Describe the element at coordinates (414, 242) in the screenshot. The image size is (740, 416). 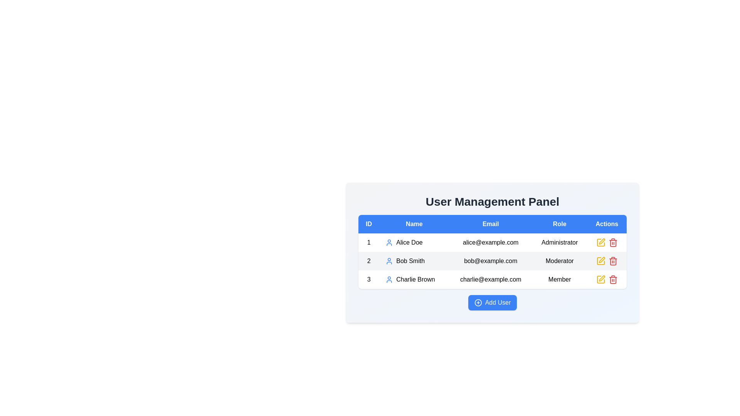
I see `the text 'Alice Doe' which is displayed in the second column of the first row of the user management table, accompanied by a blue user icon` at that location.